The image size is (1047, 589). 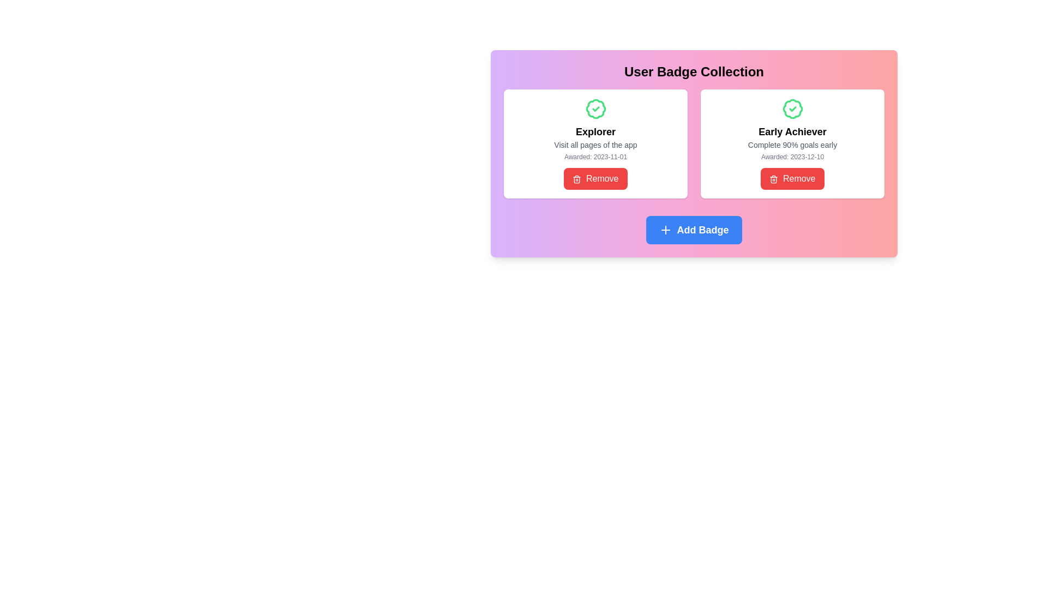 What do you see at coordinates (792, 109) in the screenshot?
I see `the badge icon located above the title of the 'Early Achiever' card in the 'User Badge Collection' panel` at bounding box center [792, 109].